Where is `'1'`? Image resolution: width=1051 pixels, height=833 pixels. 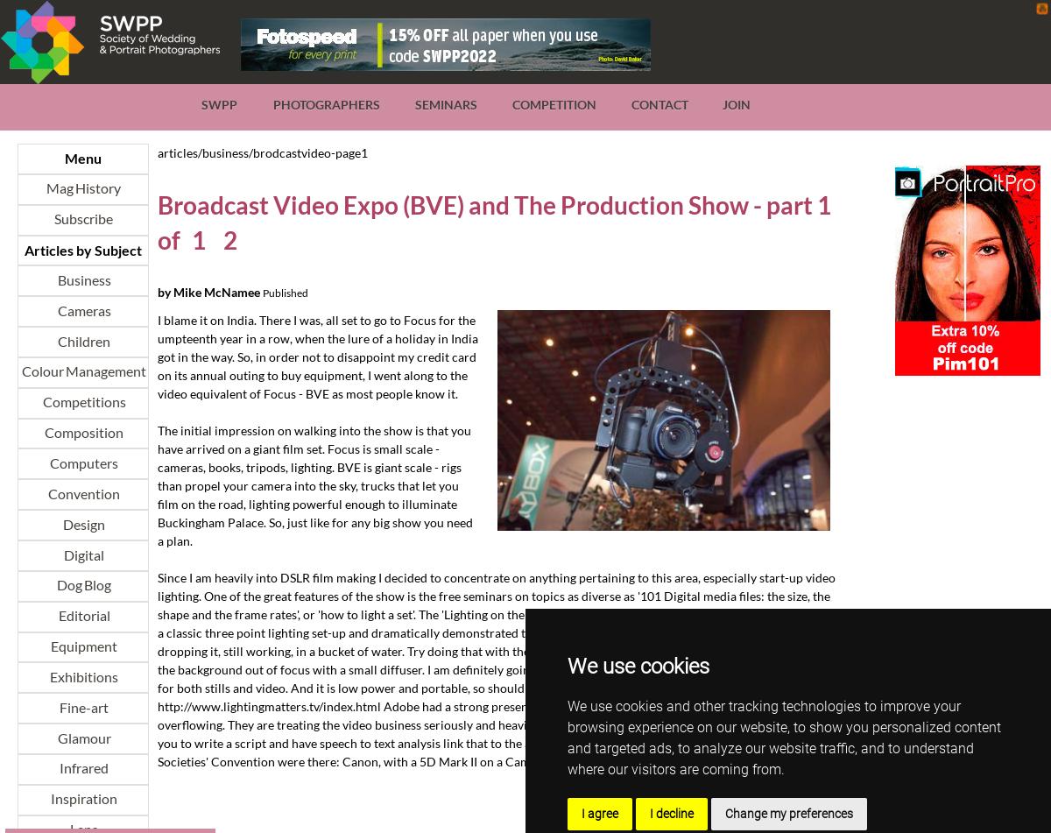
'1' is located at coordinates (196, 239).